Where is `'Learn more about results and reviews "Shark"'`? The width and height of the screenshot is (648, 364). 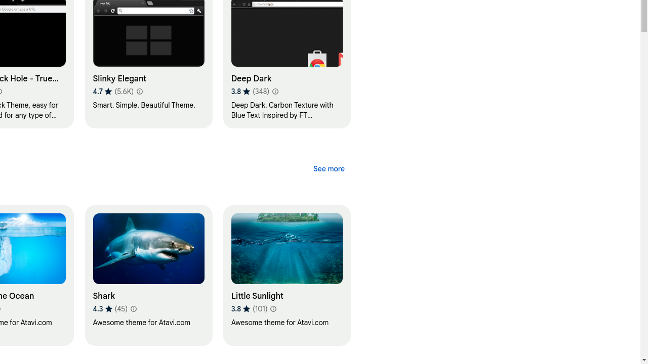 'Learn more about results and reviews "Shark"' is located at coordinates (133, 308).